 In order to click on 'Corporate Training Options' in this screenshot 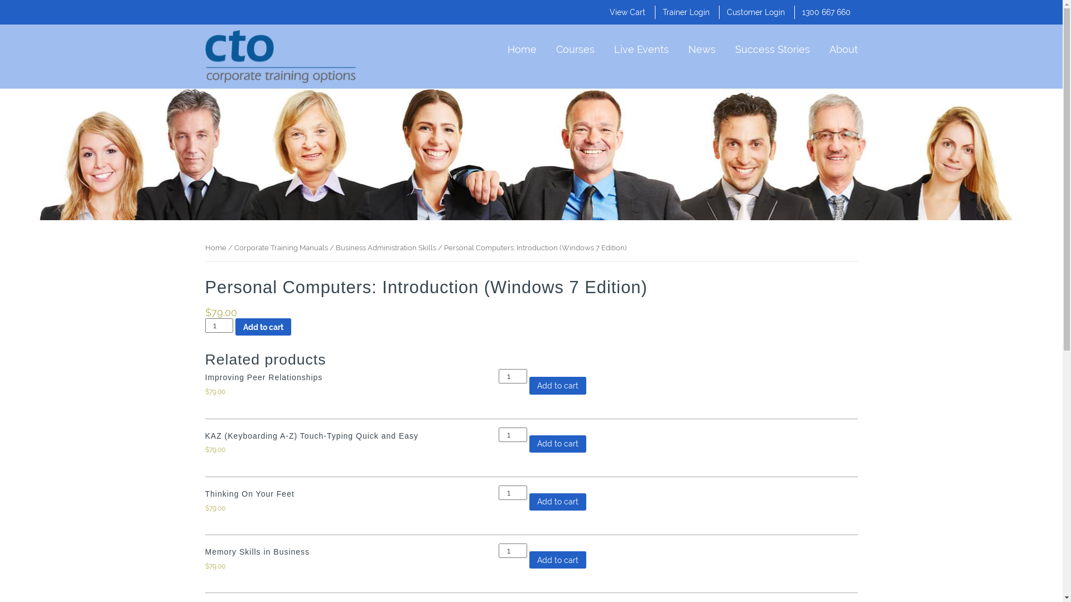, I will do `click(205, 56)`.